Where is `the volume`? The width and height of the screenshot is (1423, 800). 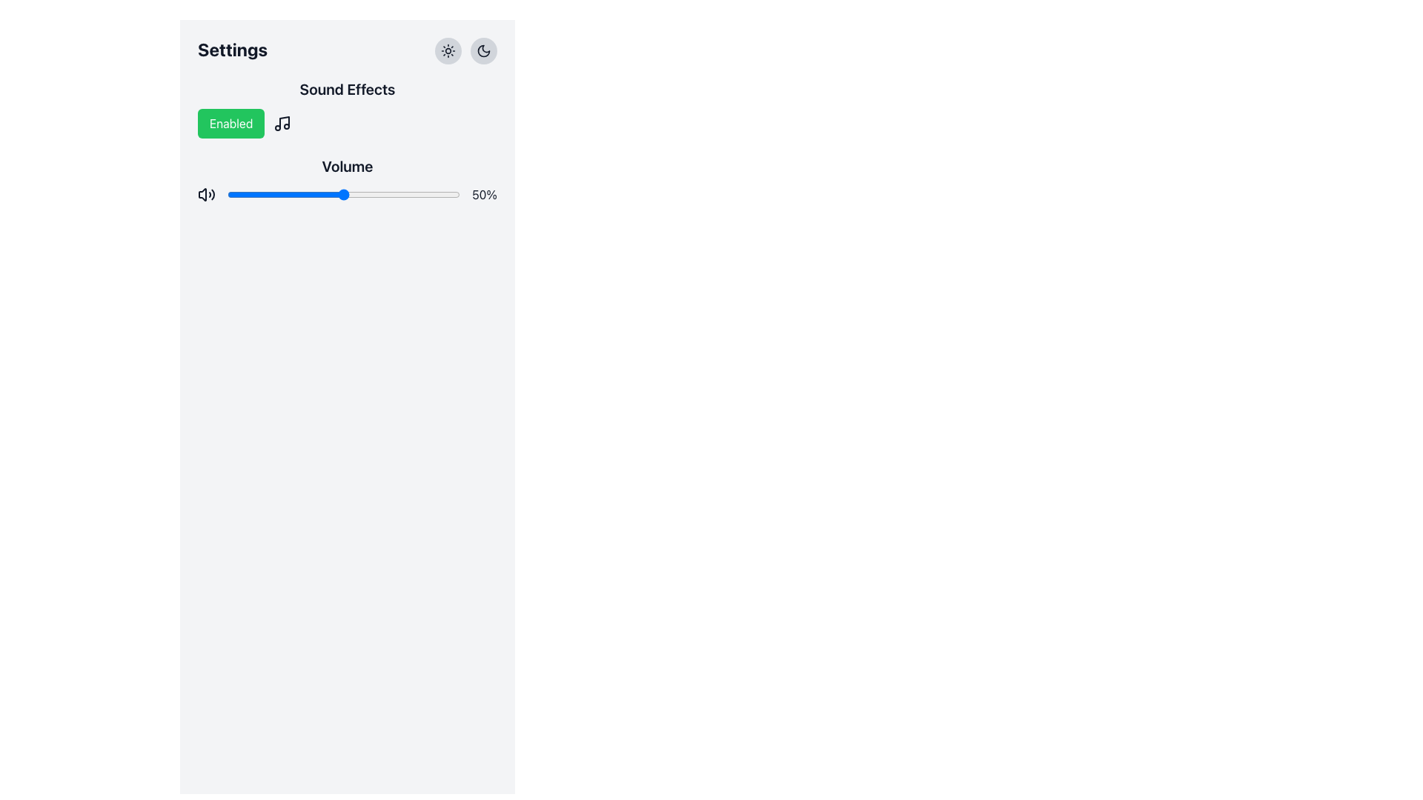
the volume is located at coordinates (392, 193).